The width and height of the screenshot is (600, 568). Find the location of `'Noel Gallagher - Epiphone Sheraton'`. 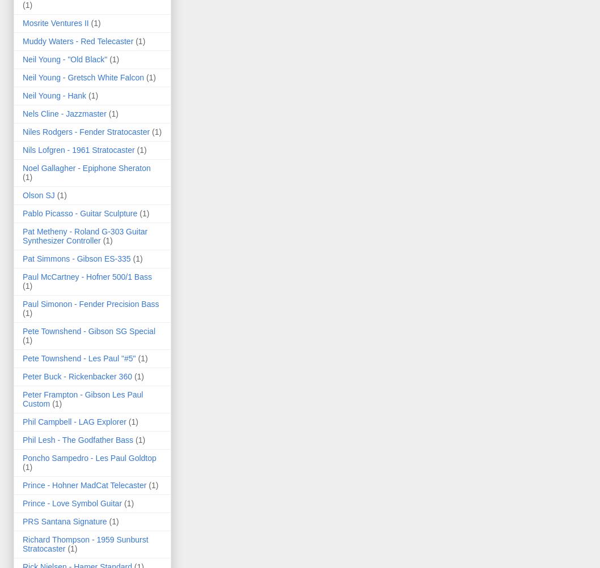

'Noel Gallagher - Epiphone Sheraton' is located at coordinates (22, 167).